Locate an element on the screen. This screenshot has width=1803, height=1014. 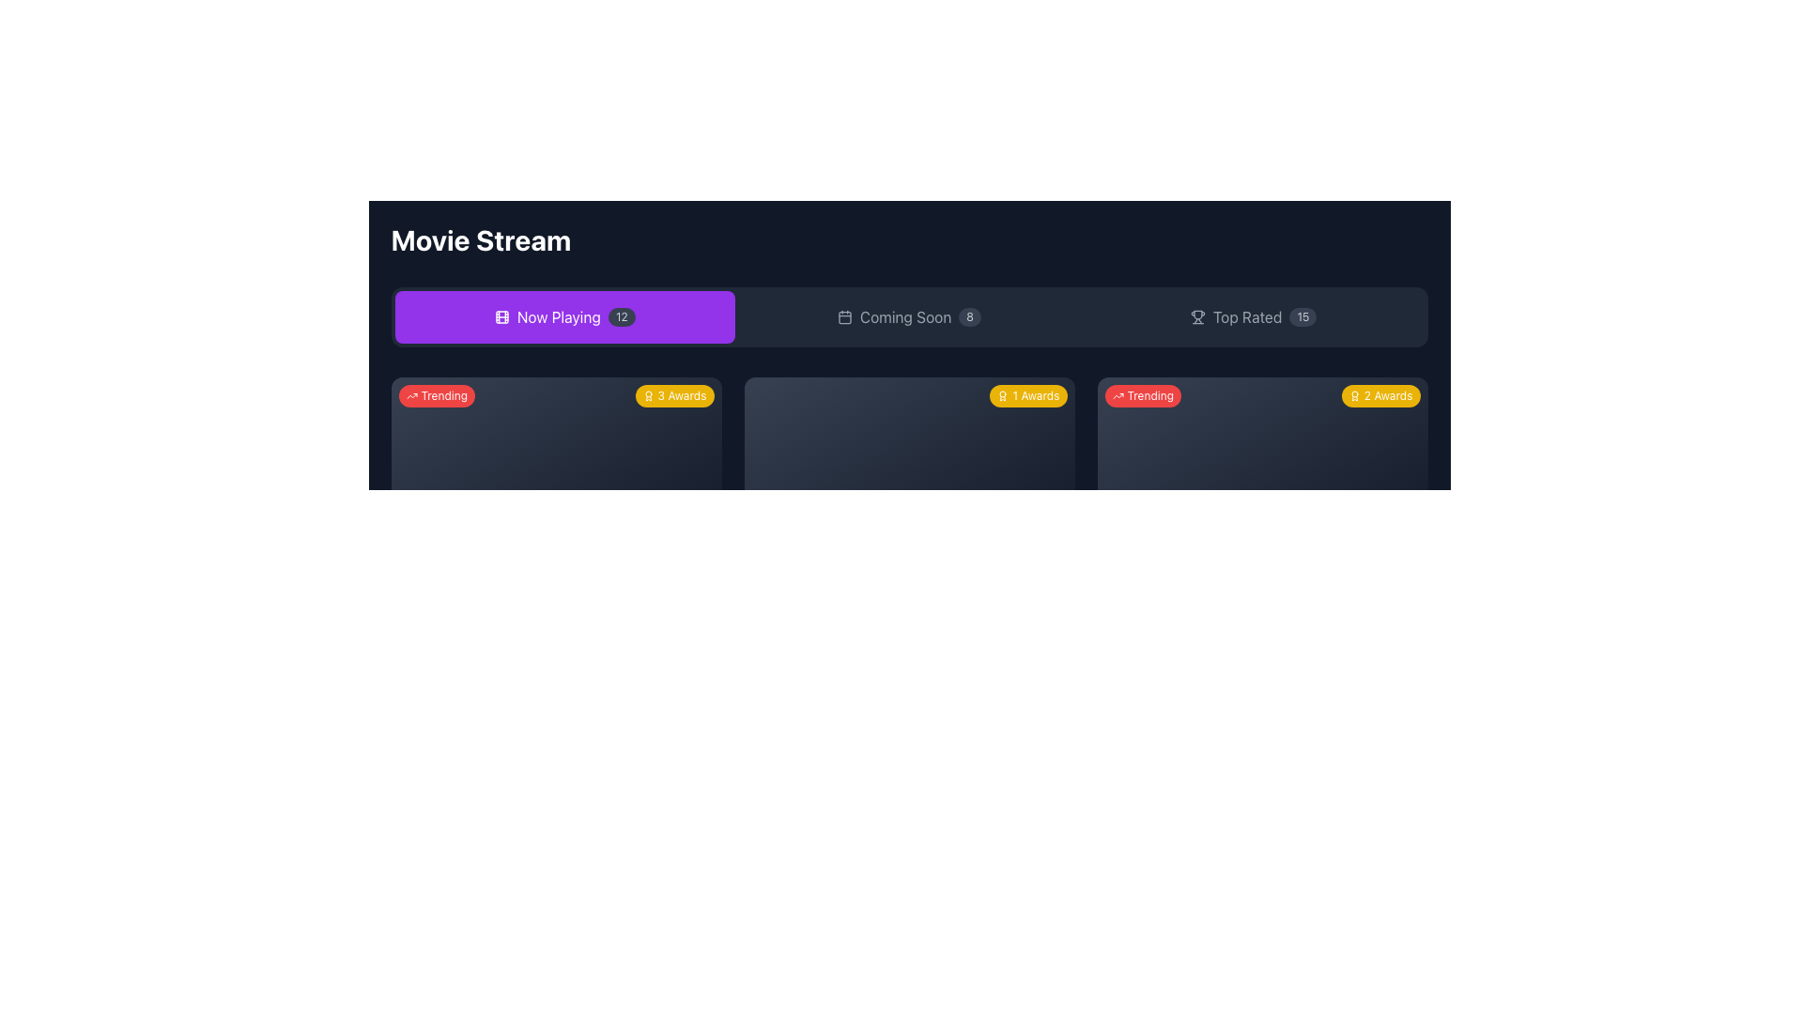
the red pill-shaped label containing the word 'Trending' and an upward trending arrow icon located in the top-left corner of the content cards section is located at coordinates (436, 394).